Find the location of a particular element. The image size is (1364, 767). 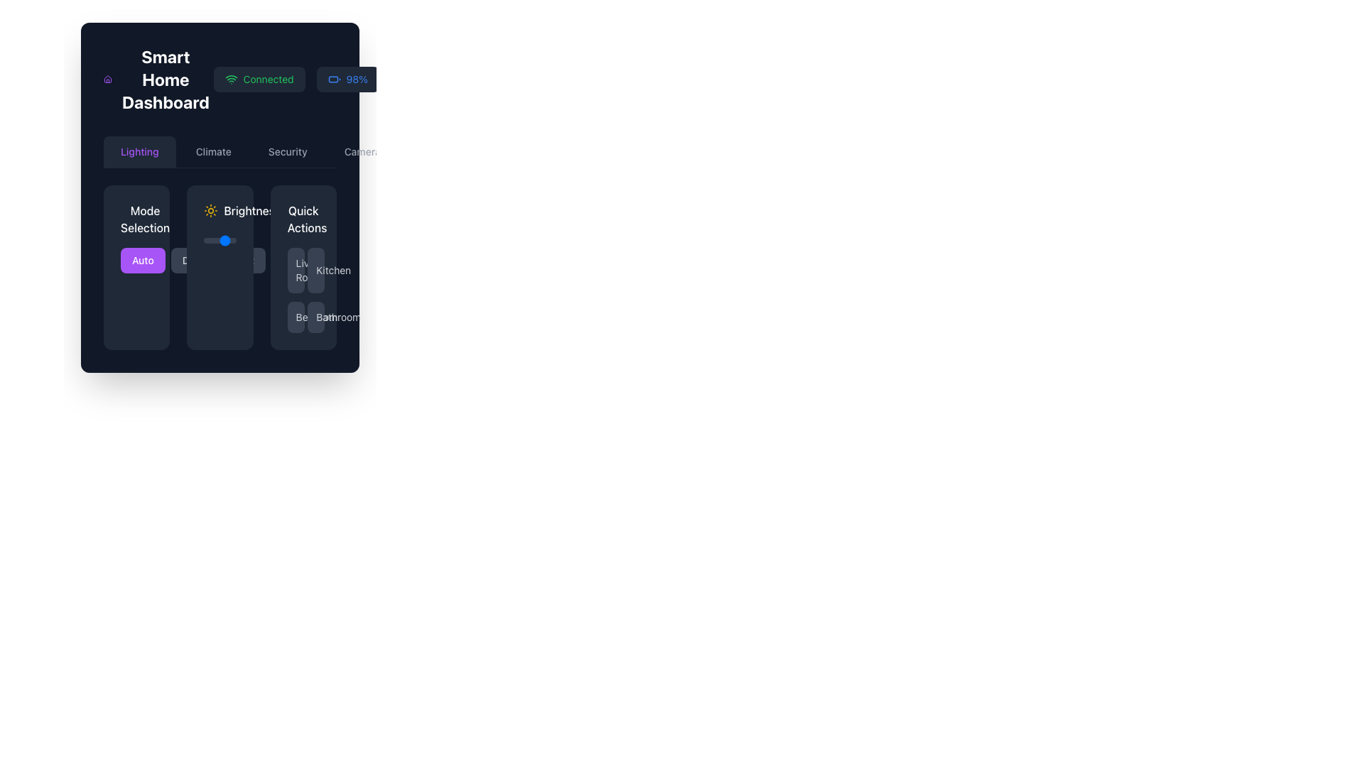

the status indicator Text label that displays 'Connected', located at the top-right section of the interface, to the right of the green Wi-Fi icon is located at coordinates (269, 79).